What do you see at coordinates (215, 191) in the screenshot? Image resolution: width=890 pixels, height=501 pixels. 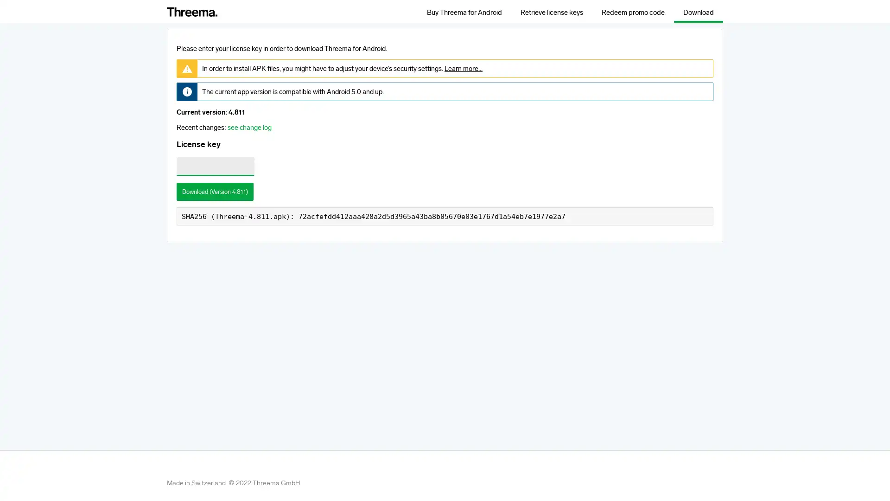 I see `Download (Version 4.811)` at bounding box center [215, 191].